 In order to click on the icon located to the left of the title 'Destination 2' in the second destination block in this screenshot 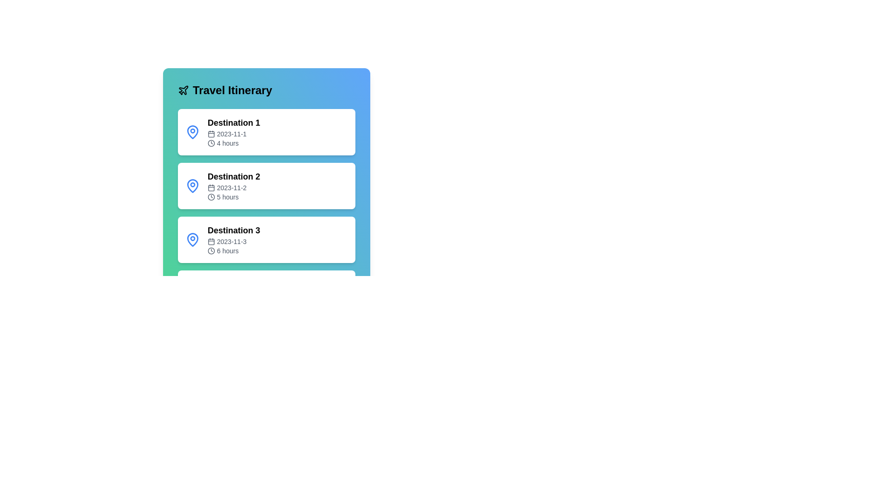, I will do `click(192, 186)`.